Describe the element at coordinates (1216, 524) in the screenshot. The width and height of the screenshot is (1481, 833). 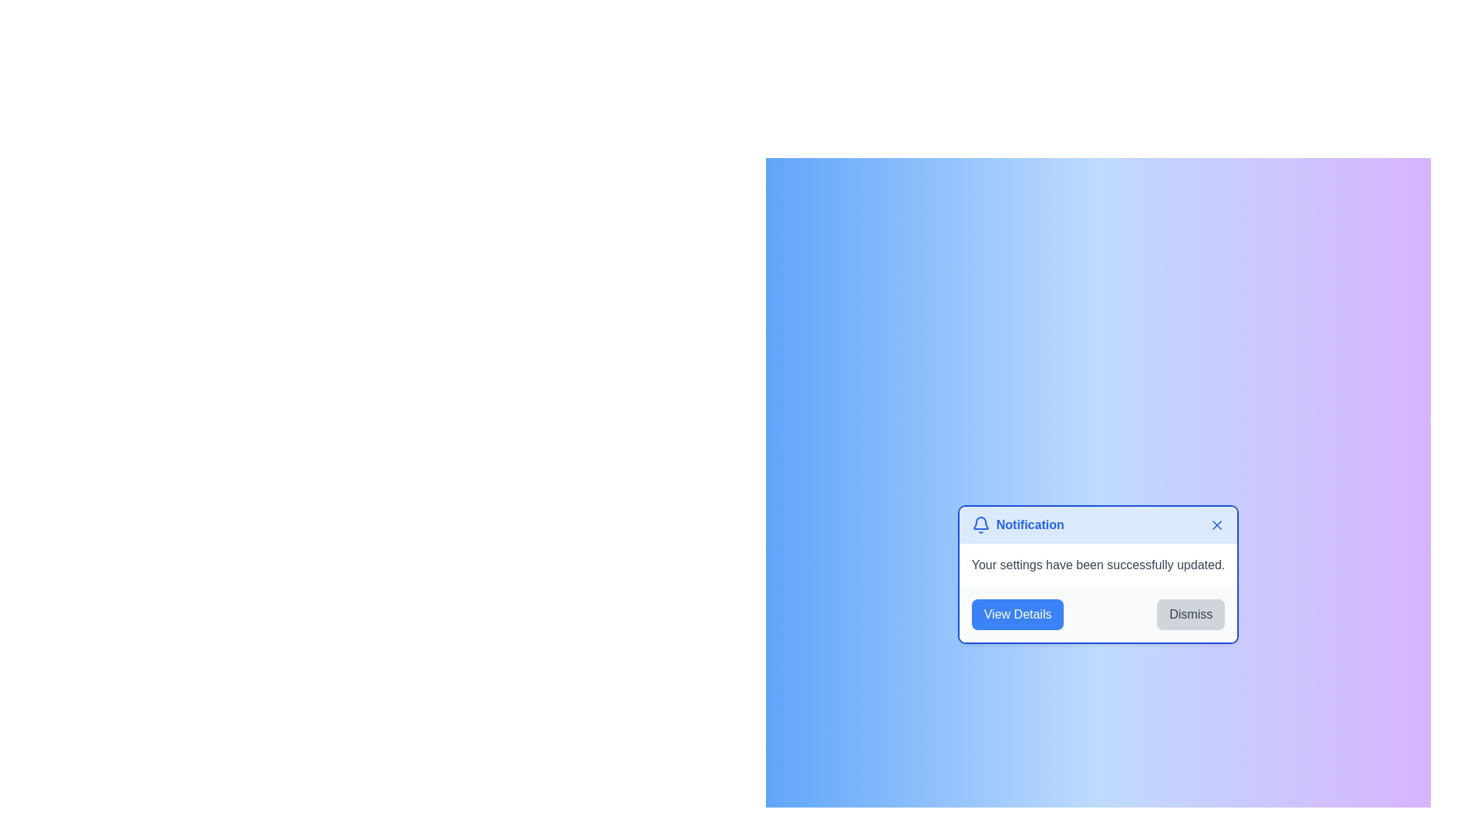
I see `the small blue 'X' icon in the top-right corner of the notification banner` at that location.